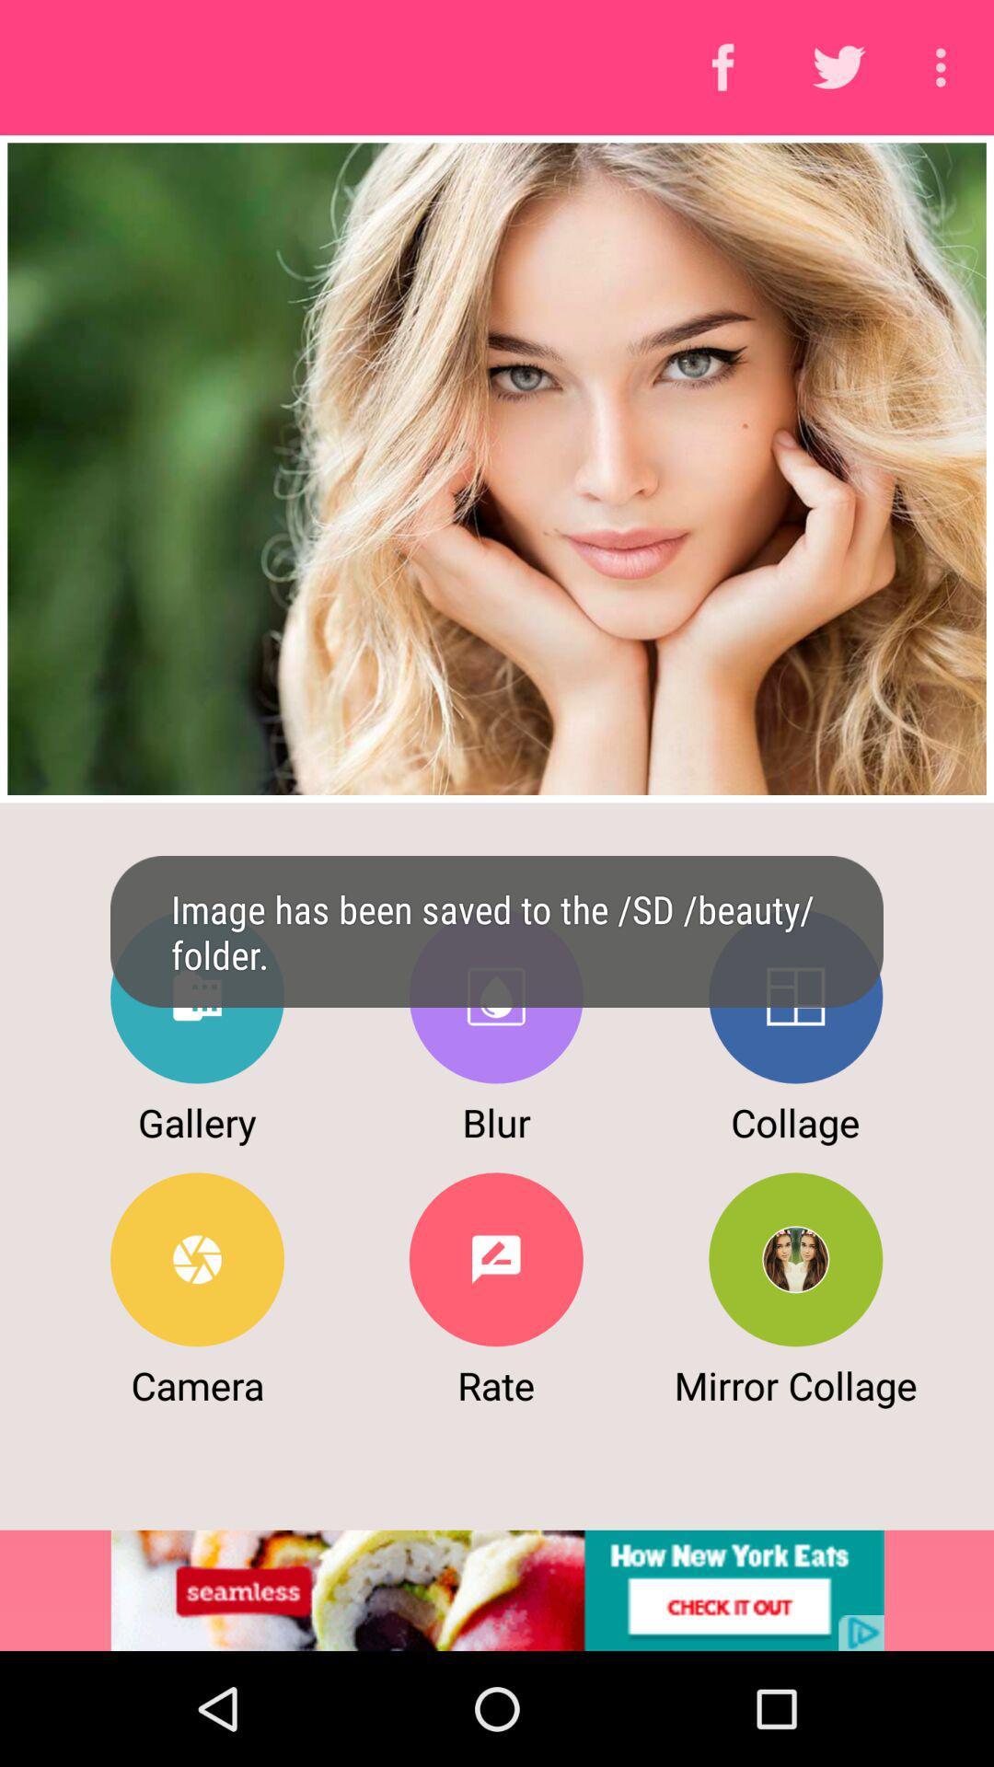 Image resolution: width=994 pixels, height=1767 pixels. I want to click on camera, so click(197, 1258).